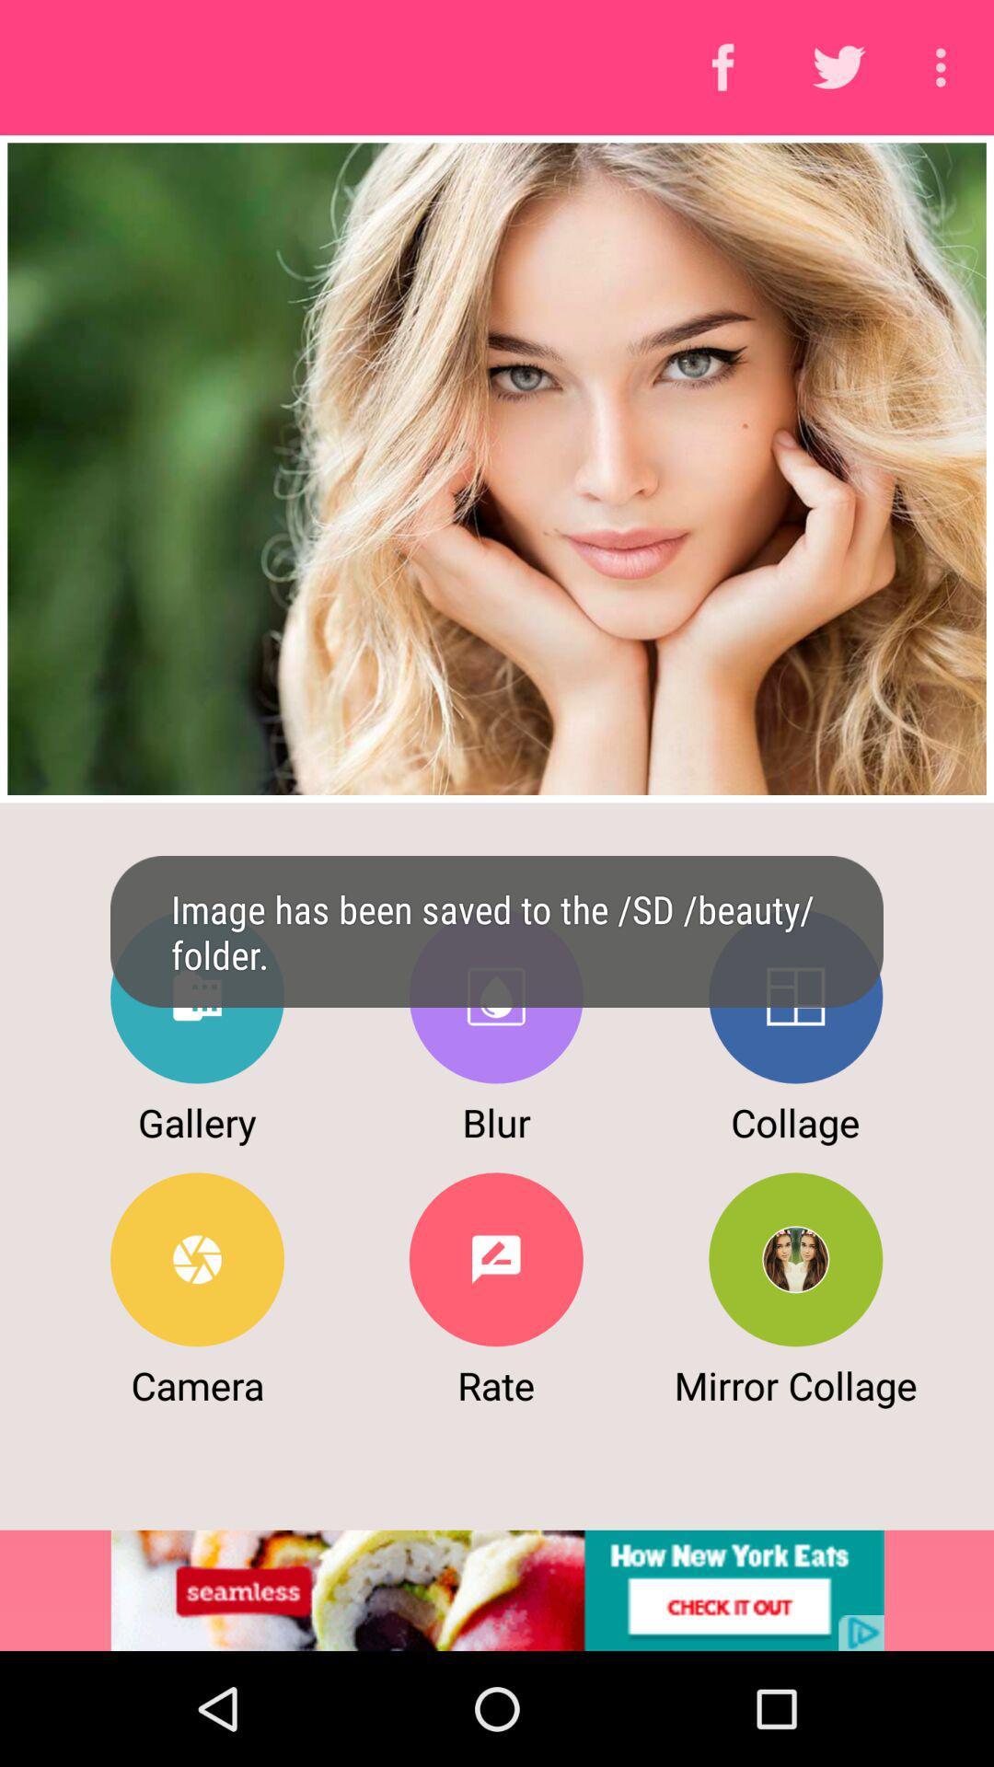 Image resolution: width=994 pixels, height=1767 pixels. I want to click on camera, so click(197, 1258).